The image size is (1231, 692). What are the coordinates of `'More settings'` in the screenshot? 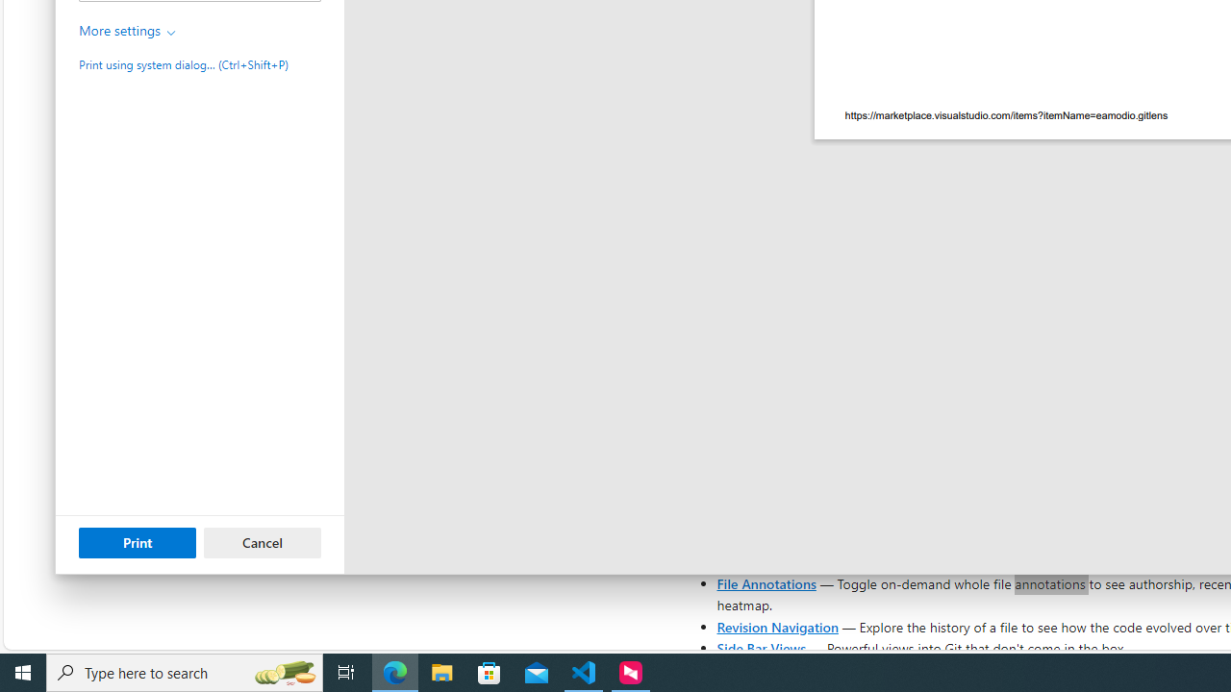 It's located at (127, 31).